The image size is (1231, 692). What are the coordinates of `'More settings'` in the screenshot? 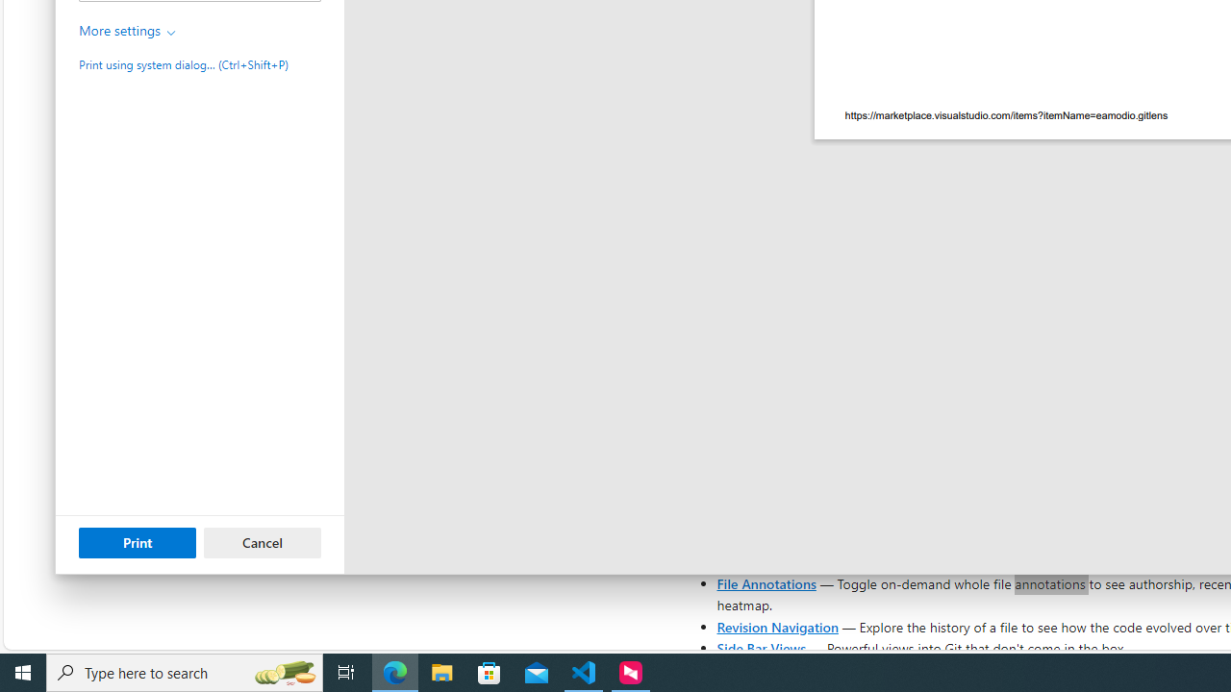 It's located at (127, 31).